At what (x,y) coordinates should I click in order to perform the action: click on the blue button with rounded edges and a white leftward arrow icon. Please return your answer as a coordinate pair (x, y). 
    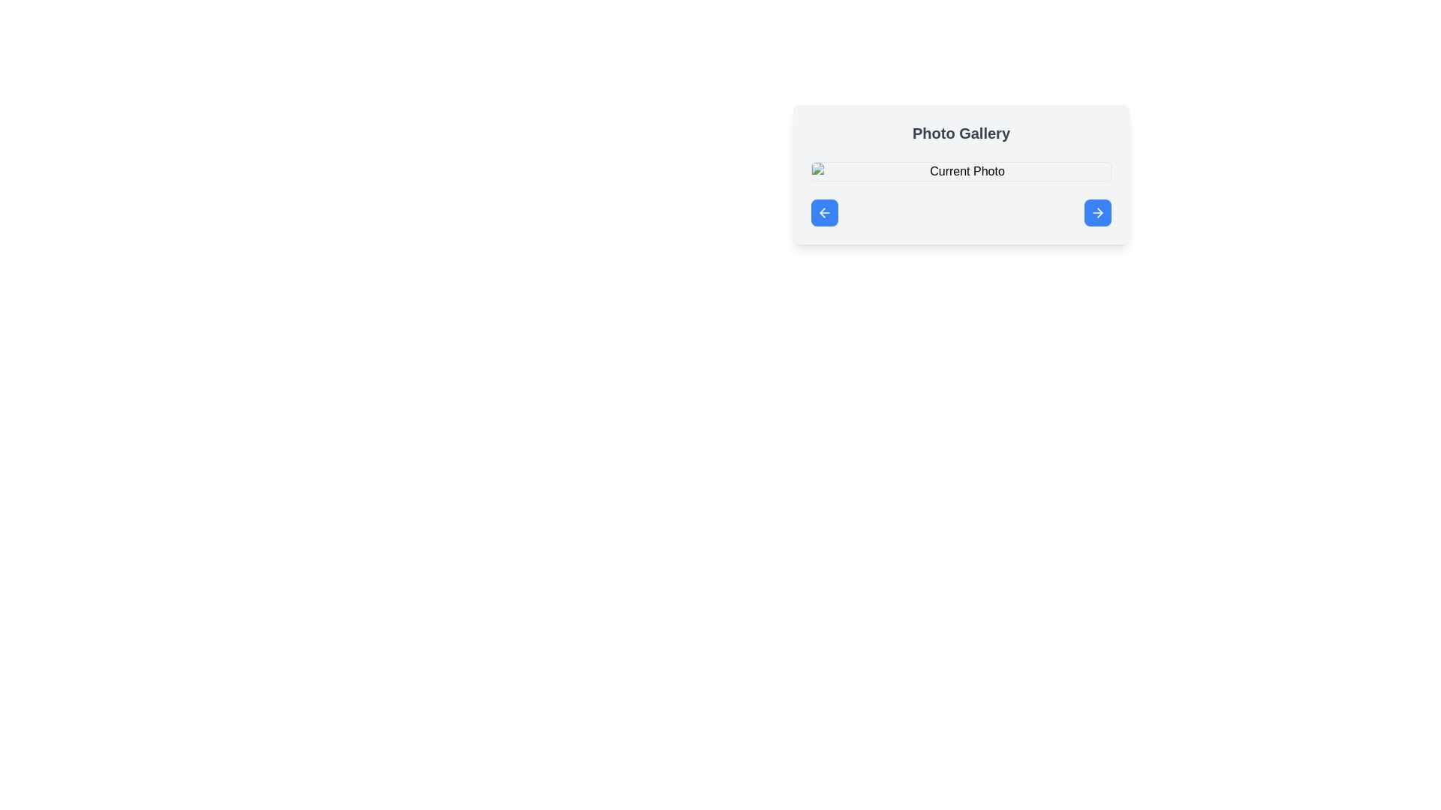
    Looking at the image, I should click on (824, 213).